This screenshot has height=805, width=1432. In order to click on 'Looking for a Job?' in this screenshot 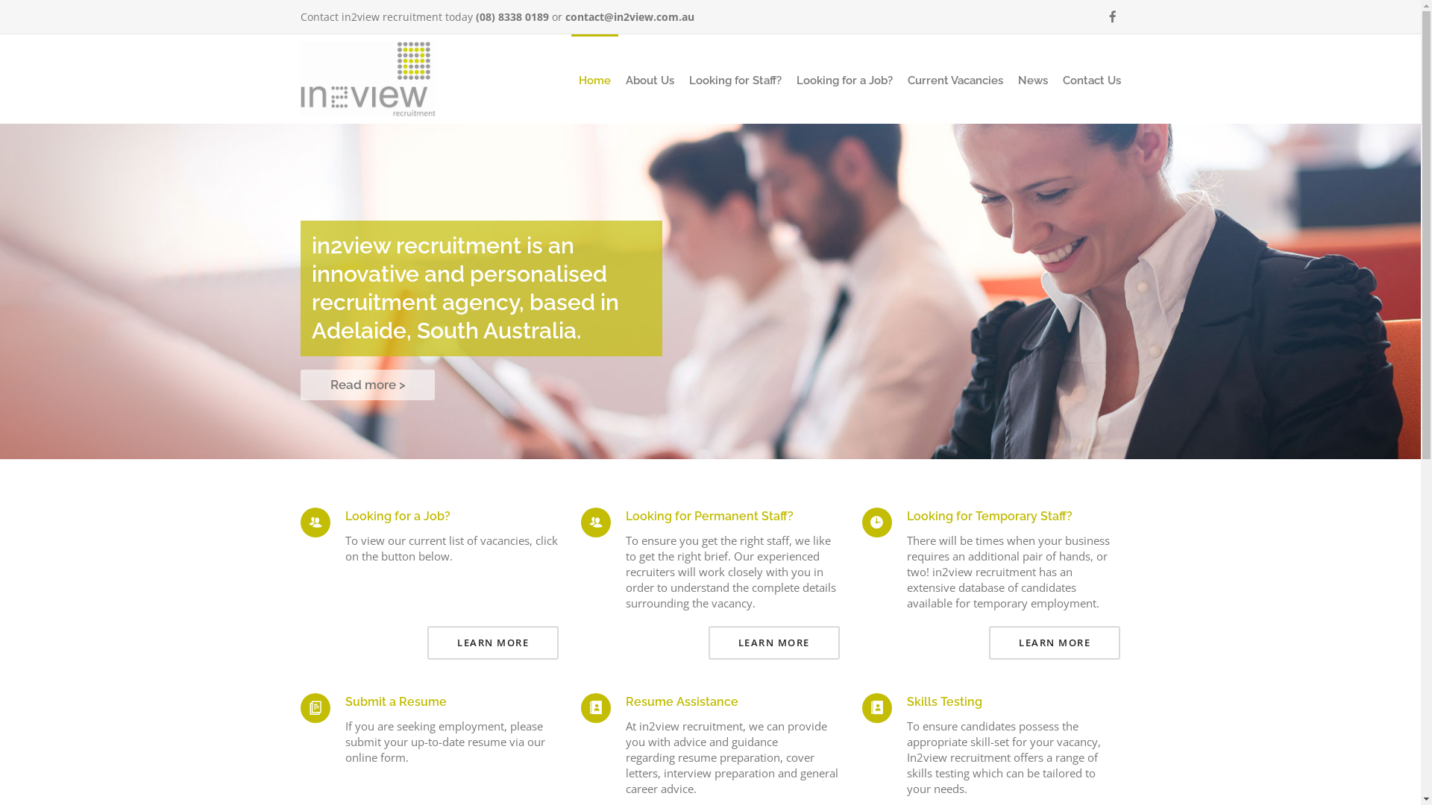, I will do `click(844, 80)`.